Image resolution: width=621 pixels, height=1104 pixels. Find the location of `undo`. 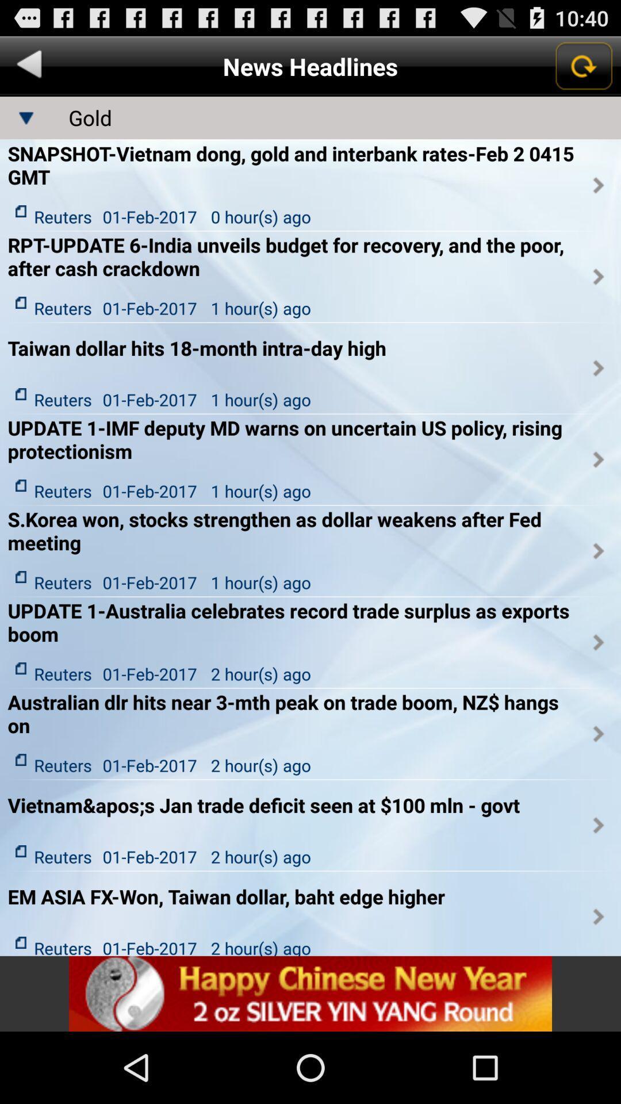

undo is located at coordinates (29, 66).